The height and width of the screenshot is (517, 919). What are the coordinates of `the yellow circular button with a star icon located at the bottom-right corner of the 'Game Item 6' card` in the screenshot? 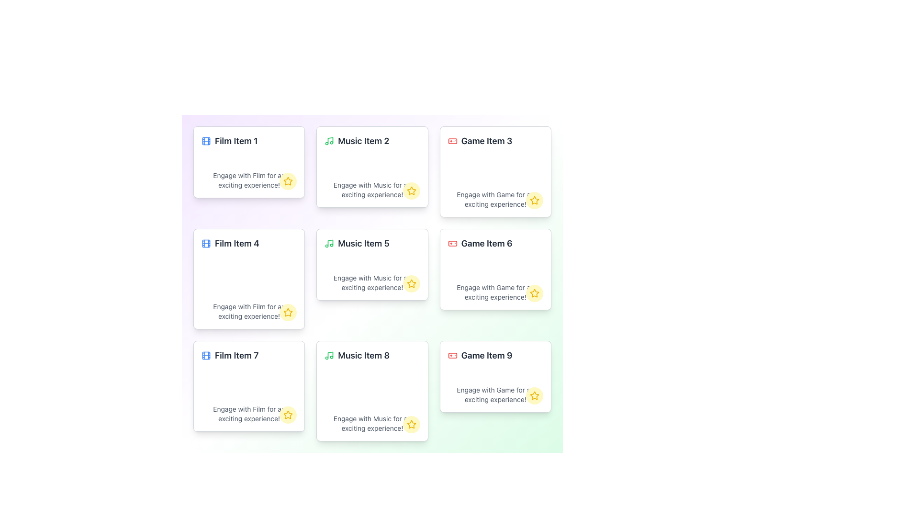 It's located at (534, 293).